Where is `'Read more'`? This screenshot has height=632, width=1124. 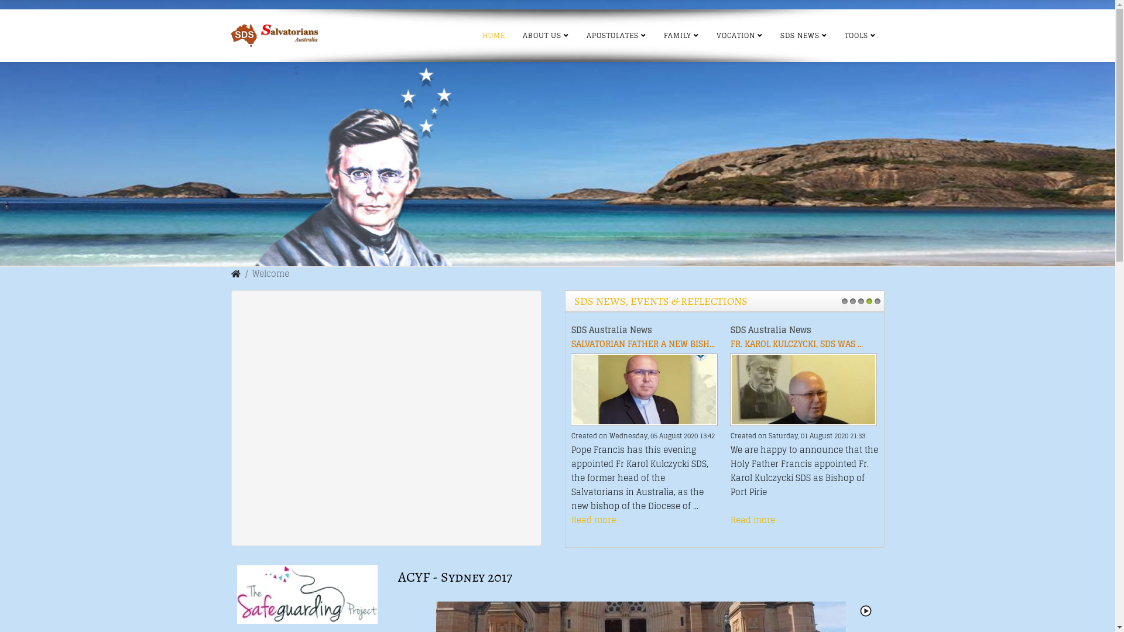
'Read more' is located at coordinates (593, 519).